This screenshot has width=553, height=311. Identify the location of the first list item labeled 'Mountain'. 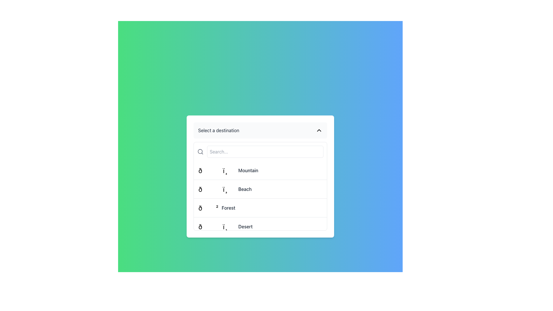
(228, 170).